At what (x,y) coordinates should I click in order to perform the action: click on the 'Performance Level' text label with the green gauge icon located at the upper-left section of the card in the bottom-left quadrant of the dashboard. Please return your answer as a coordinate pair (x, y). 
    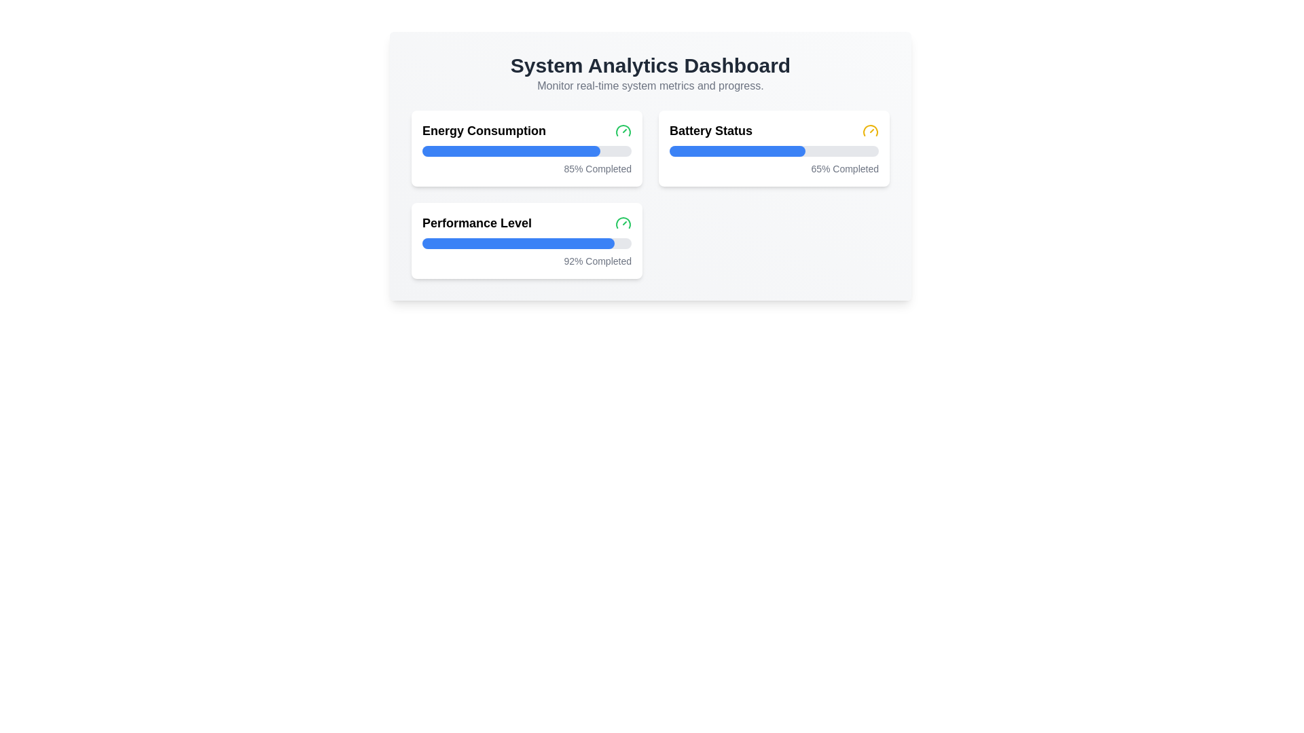
    Looking at the image, I should click on (526, 222).